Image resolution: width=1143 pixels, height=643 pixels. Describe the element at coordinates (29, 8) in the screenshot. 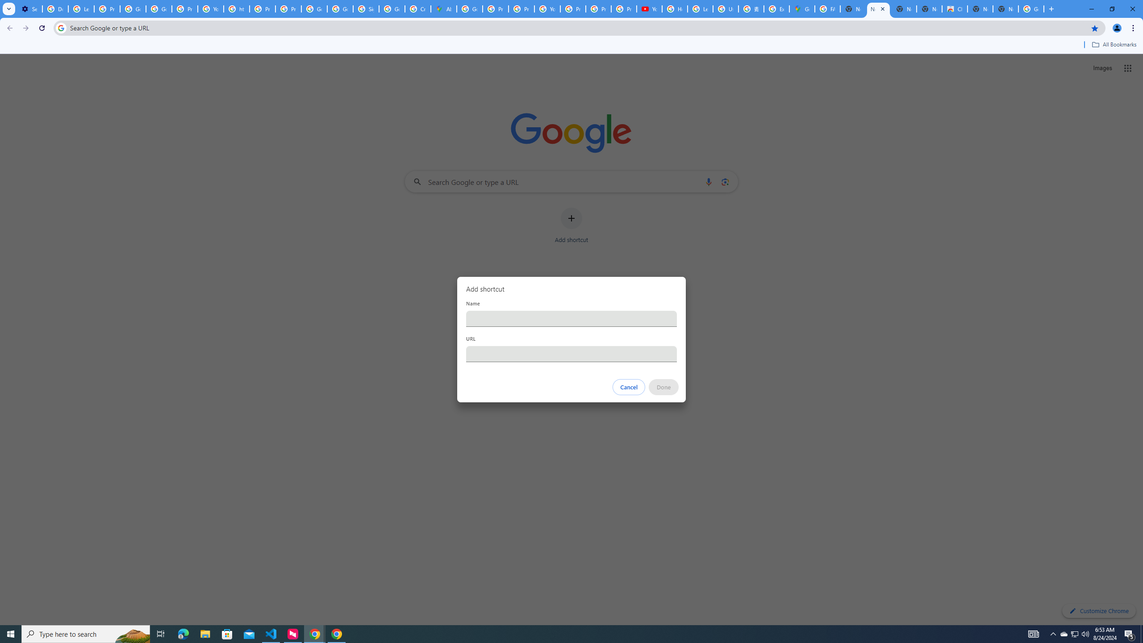

I see `'Settings - On startup'` at that location.